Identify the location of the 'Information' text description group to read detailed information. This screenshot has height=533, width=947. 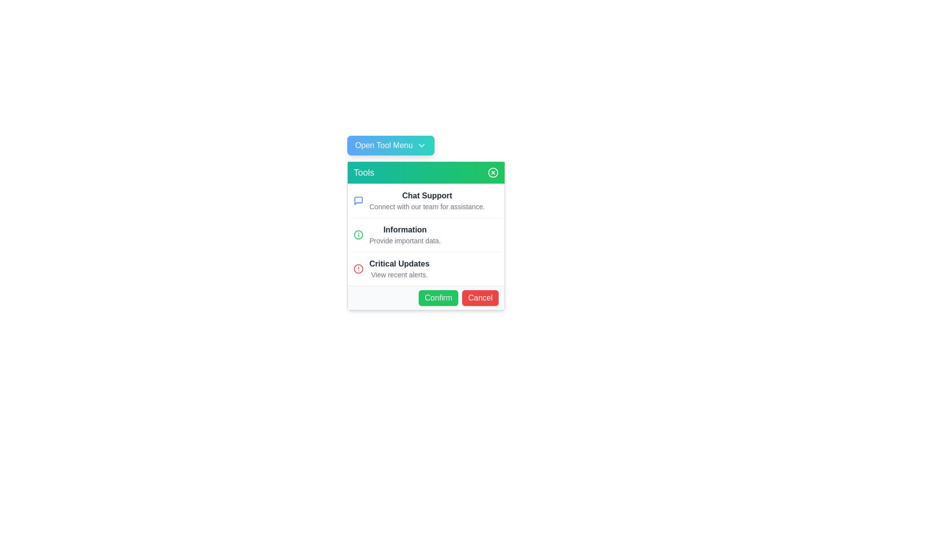
(405, 234).